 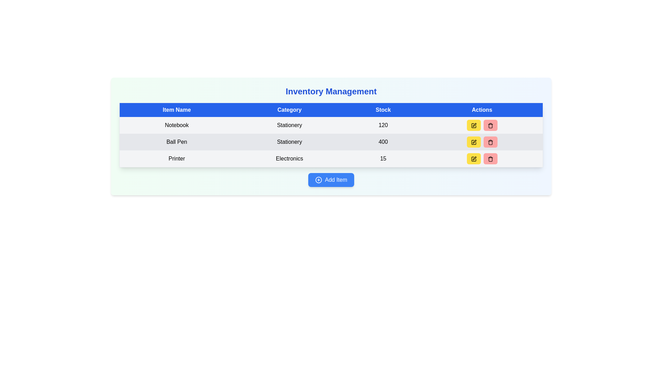 I want to click on the text label indicating the stock quantity of 120 units in the inventory management table, located in the third column of the first row under the 'Stock' header, so click(x=383, y=125).